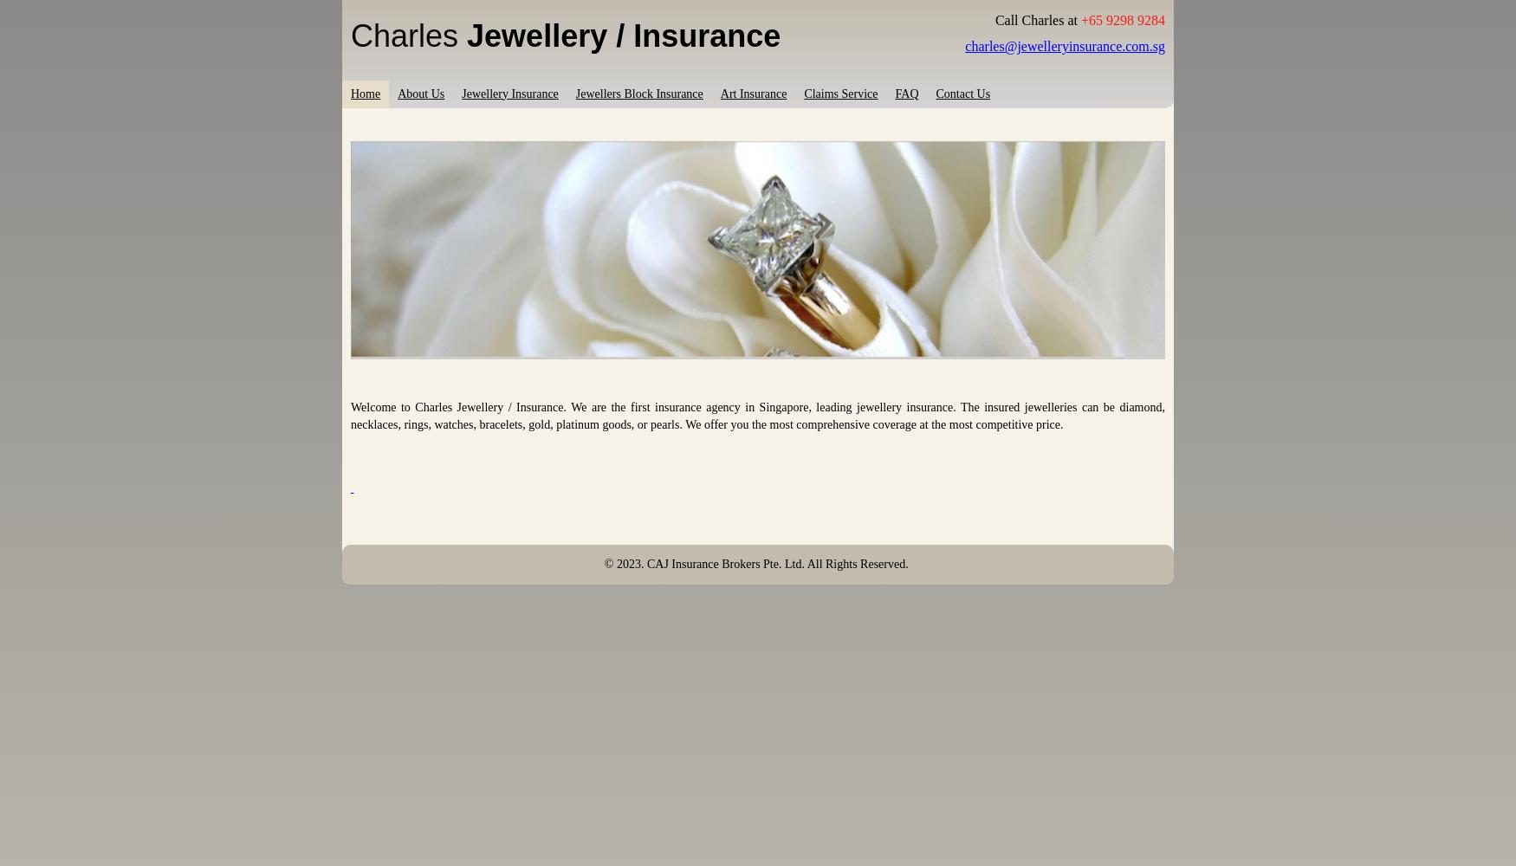  What do you see at coordinates (420, 92) in the screenshot?
I see `'About Us'` at bounding box center [420, 92].